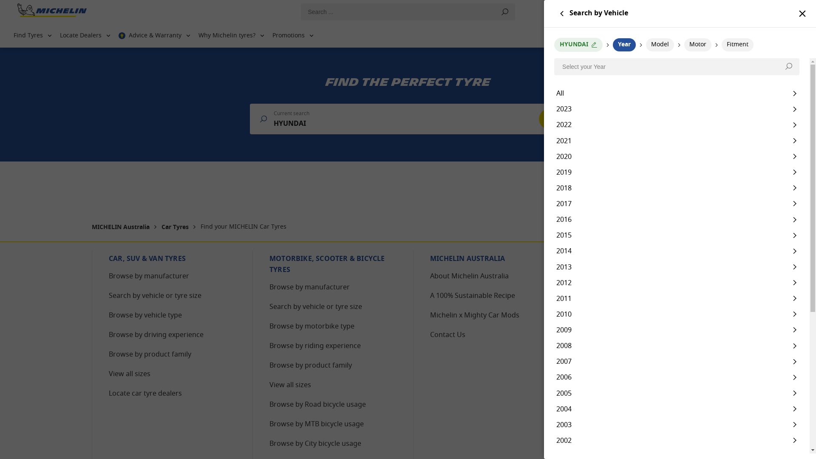 The height and width of the screenshot is (459, 816). I want to click on 'Browse by driving experience', so click(156, 335).